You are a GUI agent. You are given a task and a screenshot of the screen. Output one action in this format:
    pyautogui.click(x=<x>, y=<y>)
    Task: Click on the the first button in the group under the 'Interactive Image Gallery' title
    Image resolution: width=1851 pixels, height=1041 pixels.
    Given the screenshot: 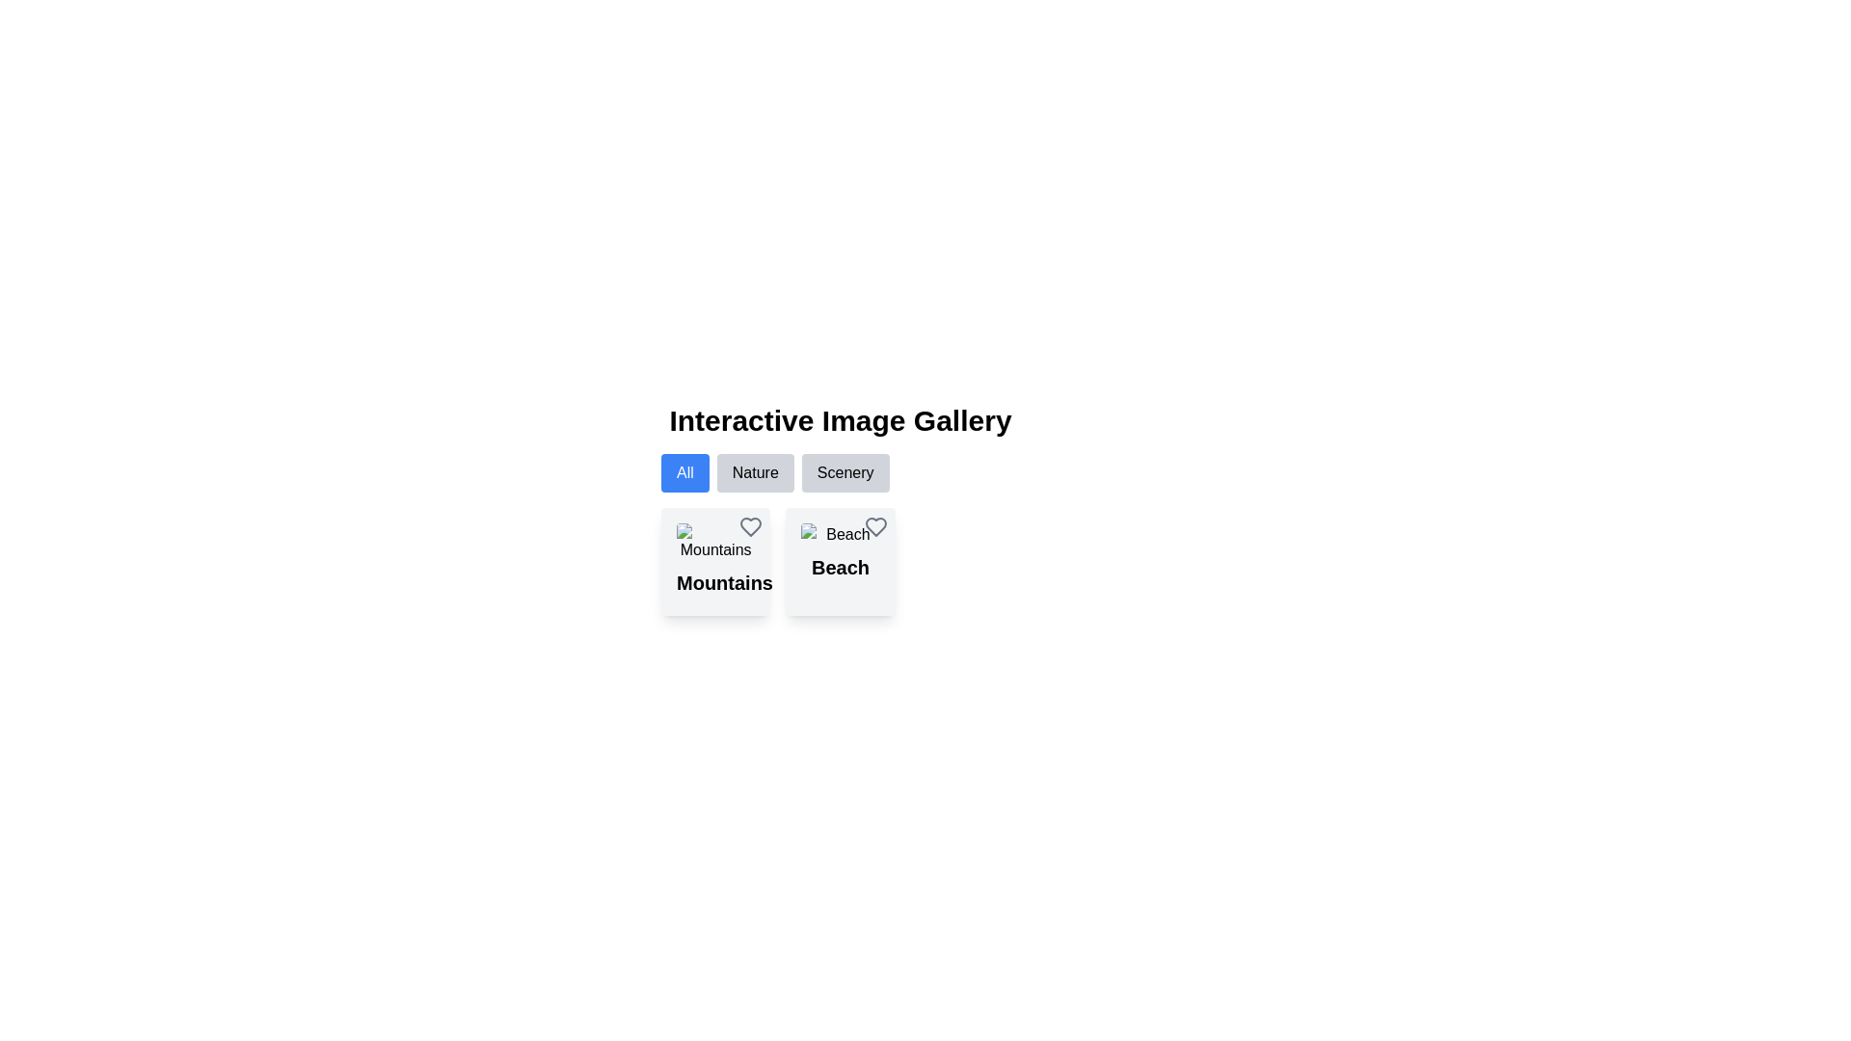 What is the action you would take?
    pyautogui.click(x=684, y=472)
    